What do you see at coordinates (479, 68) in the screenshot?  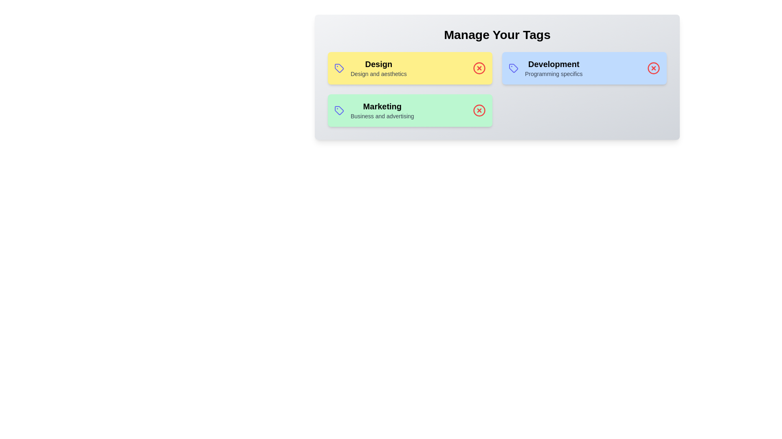 I see `the delete icon for the tag labeled Design` at bounding box center [479, 68].